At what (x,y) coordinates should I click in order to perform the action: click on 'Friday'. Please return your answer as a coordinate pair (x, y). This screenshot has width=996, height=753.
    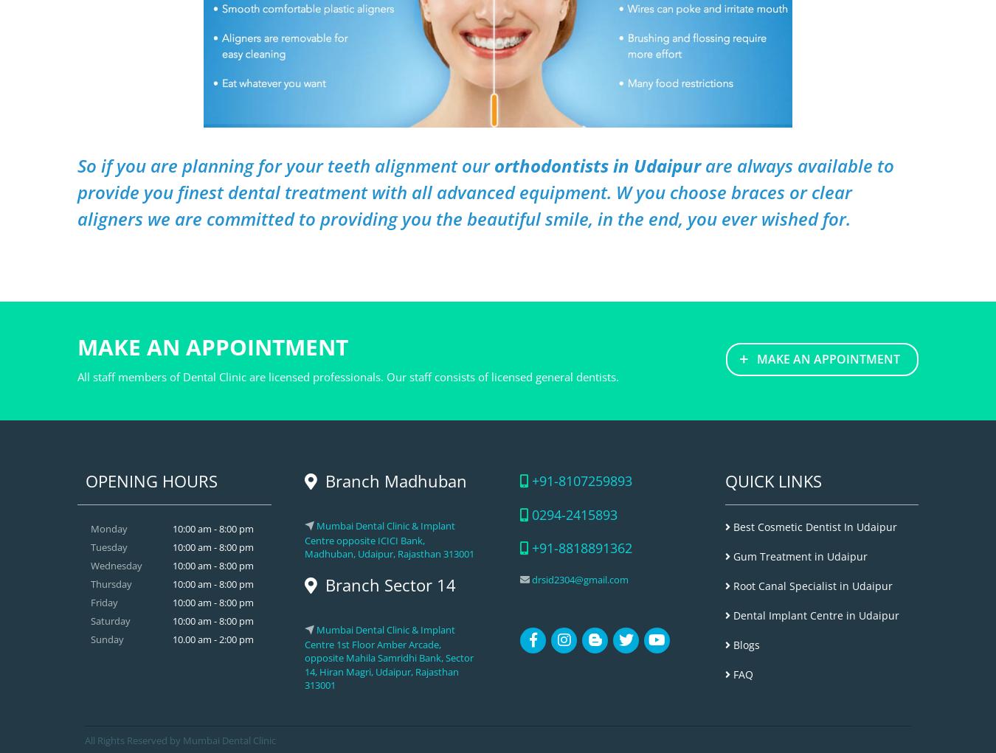
    Looking at the image, I should click on (104, 602).